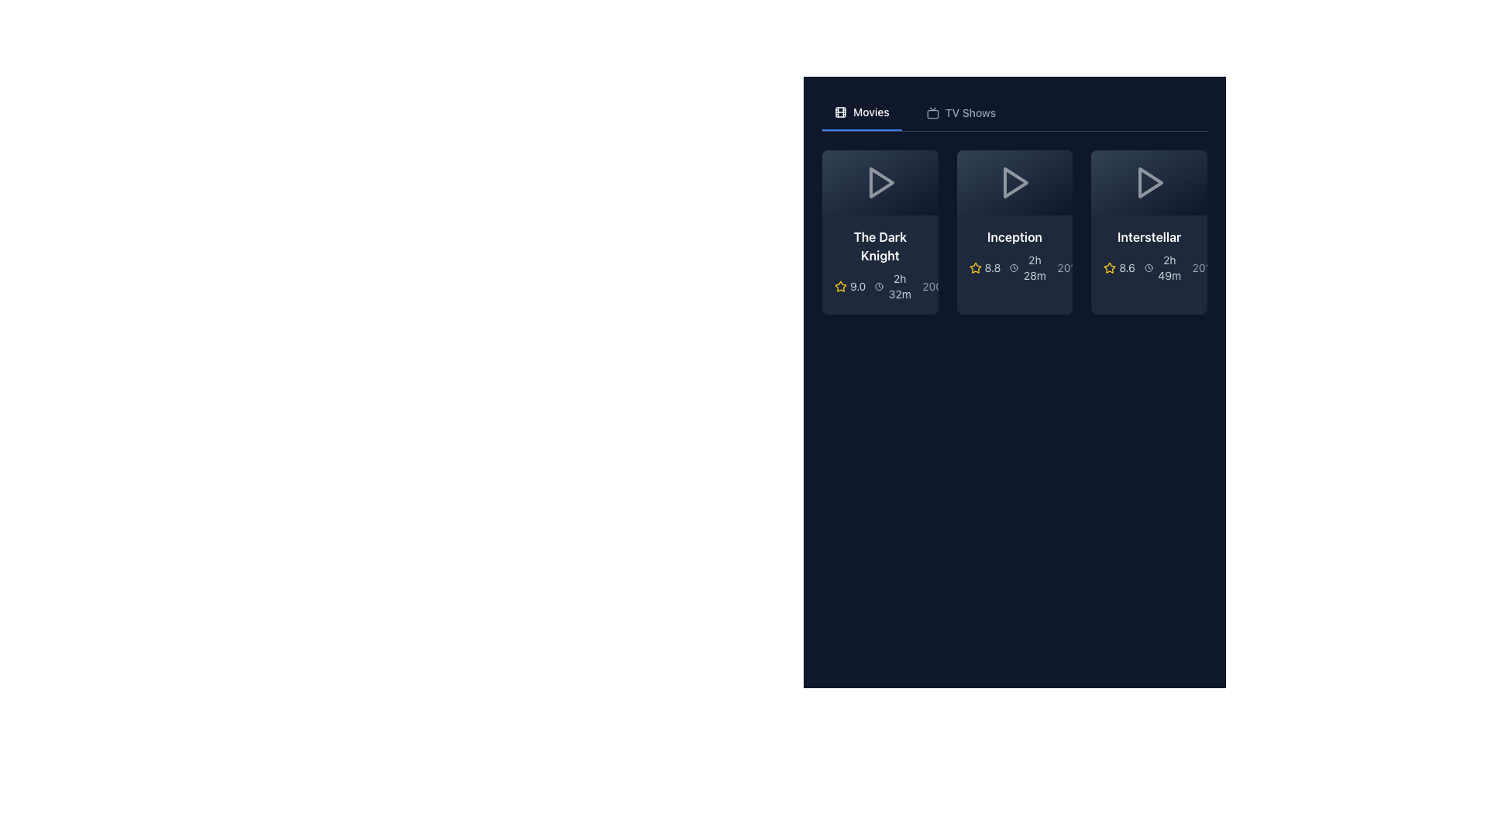  What do you see at coordinates (935, 287) in the screenshot?
I see `the text label displaying '2008' in a slately, light grey font, located at the bottom-right of the card for 'The Dark Knight'` at bounding box center [935, 287].